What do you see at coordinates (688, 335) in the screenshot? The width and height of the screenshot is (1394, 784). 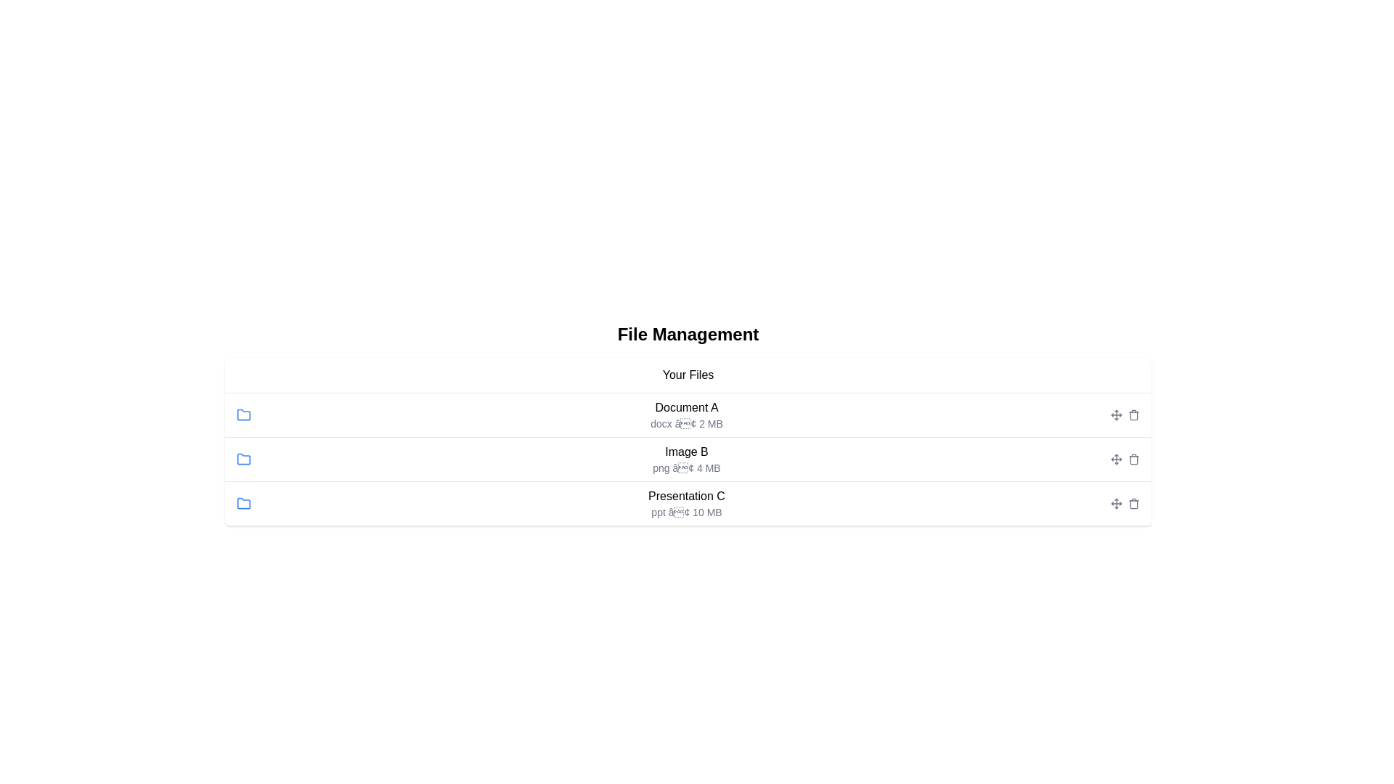 I see `the 'File Management' text label, which is a bold, large text displayed in black on a white background, prominently centered at the top of the file listing interface` at bounding box center [688, 335].